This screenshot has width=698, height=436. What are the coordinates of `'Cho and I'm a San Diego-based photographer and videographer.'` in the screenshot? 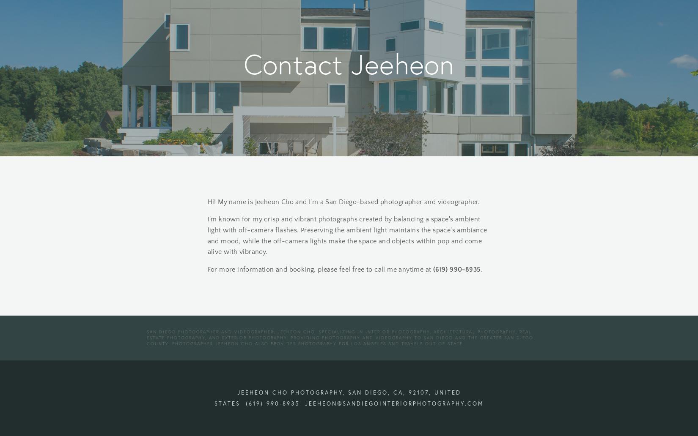 It's located at (380, 201).